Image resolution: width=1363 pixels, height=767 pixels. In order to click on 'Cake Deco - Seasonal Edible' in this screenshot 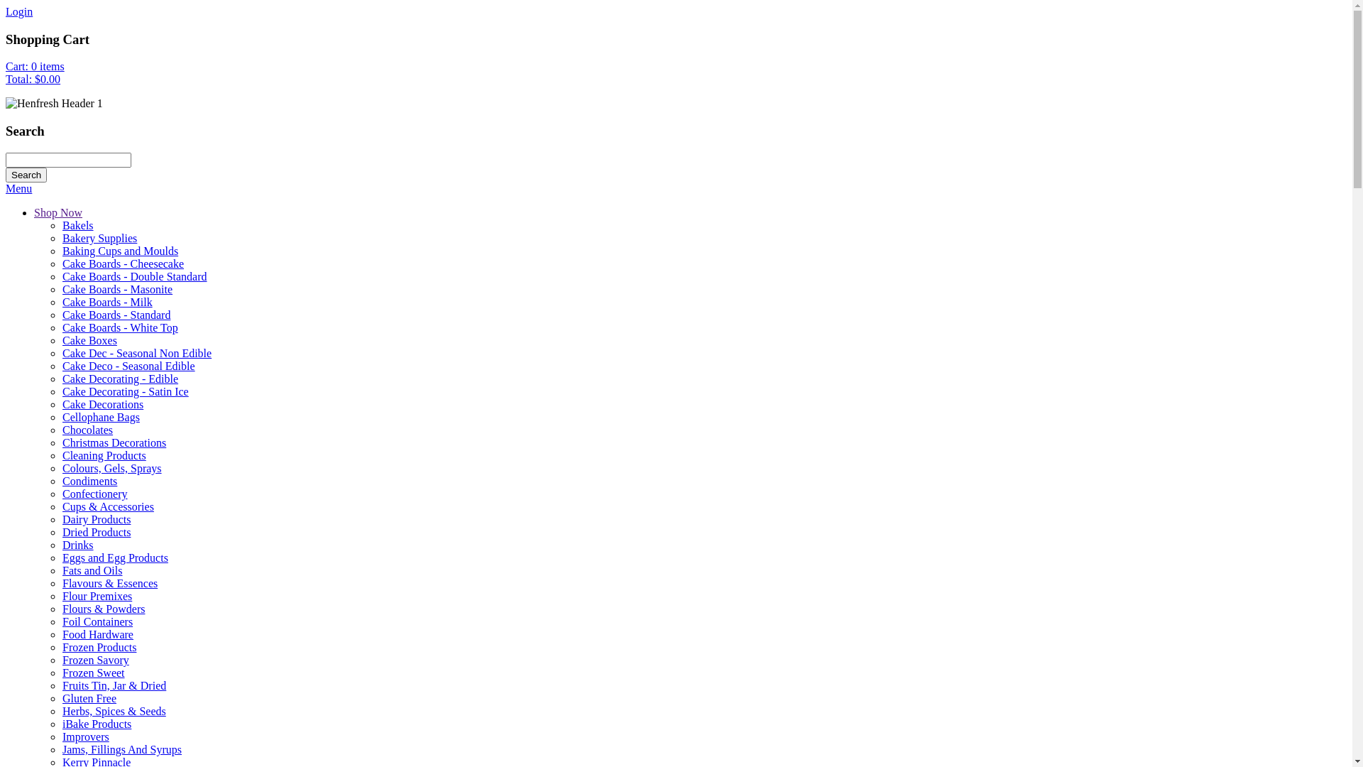, I will do `click(61, 365)`.